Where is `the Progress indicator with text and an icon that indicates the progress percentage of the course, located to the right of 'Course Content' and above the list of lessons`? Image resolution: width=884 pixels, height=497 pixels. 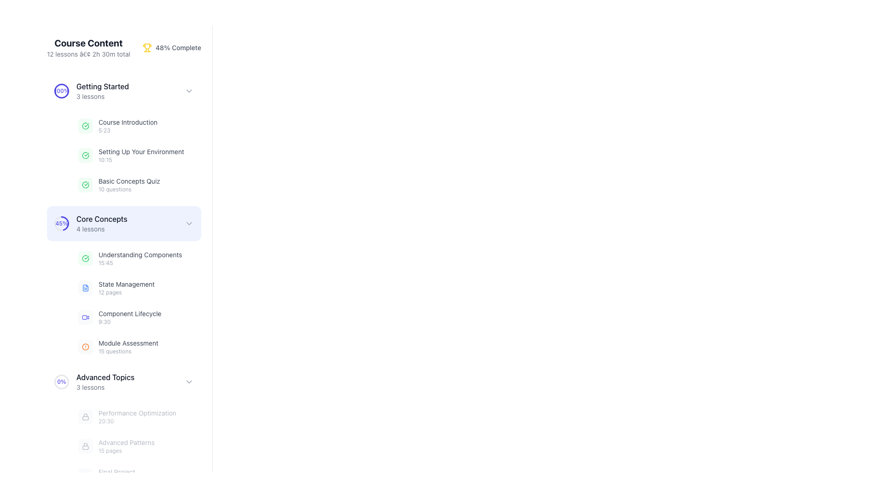 the Progress indicator with text and an icon that indicates the progress percentage of the course, located to the right of 'Course Content' and above the list of lessons is located at coordinates (172, 48).